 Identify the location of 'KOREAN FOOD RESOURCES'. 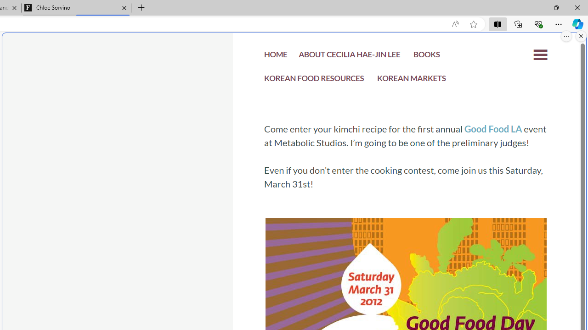
(314, 79).